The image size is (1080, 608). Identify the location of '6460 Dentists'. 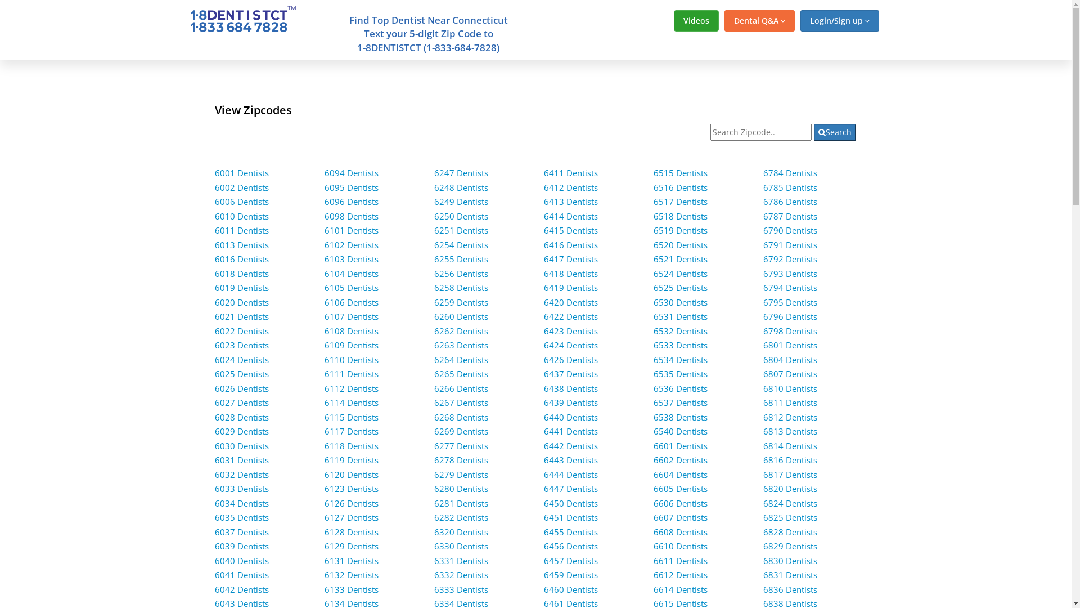
(570, 588).